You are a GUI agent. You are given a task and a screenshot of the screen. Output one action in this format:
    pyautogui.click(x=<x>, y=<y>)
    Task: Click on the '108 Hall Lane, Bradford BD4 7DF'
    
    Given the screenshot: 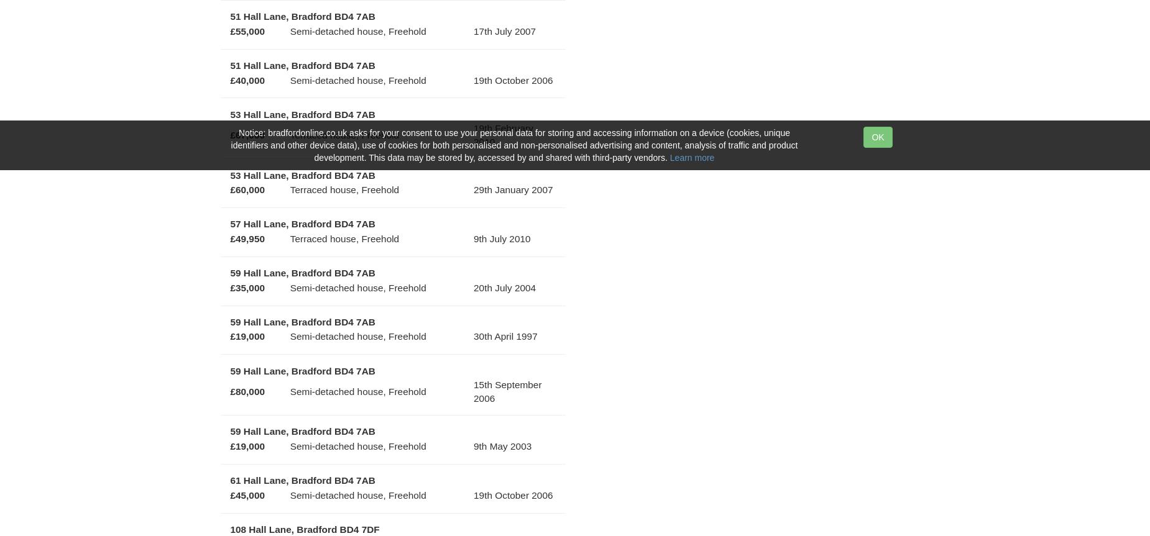 What is the action you would take?
    pyautogui.click(x=305, y=529)
    